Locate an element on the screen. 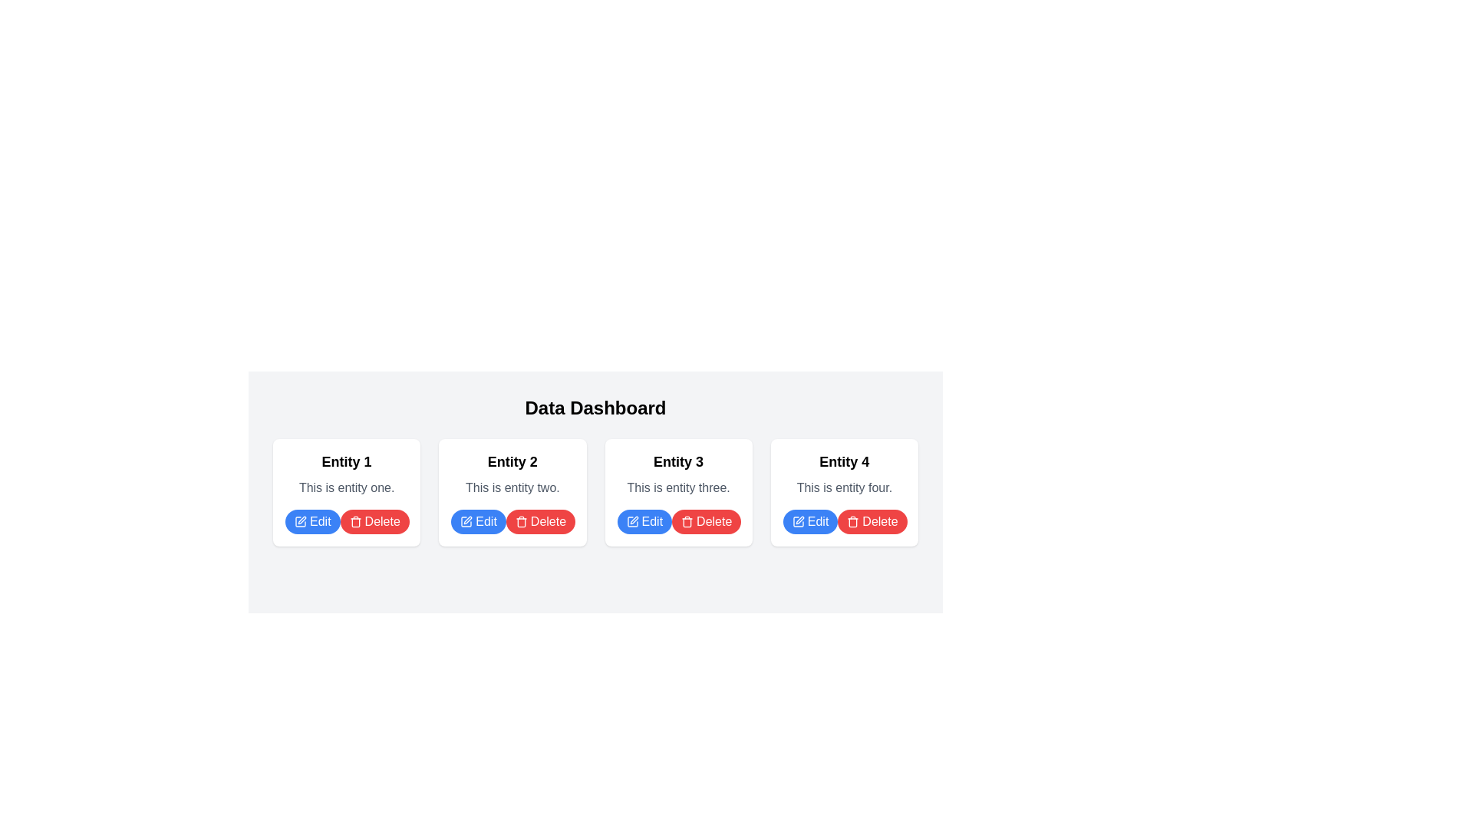 Image resolution: width=1473 pixels, height=829 pixels. the delete icon located at the bottom-right of the red 'Delete' button is located at coordinates (687, 520).